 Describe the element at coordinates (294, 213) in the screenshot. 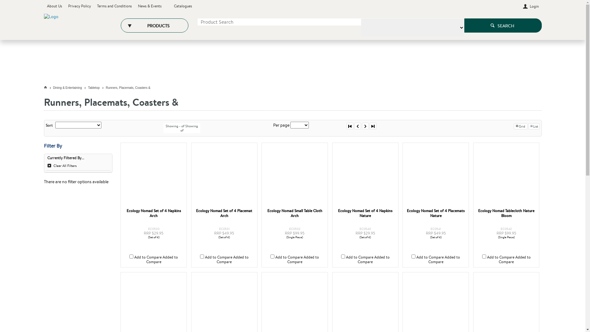

I see `'Ecology Nomad Small Table Cloth Arch'` at that location.